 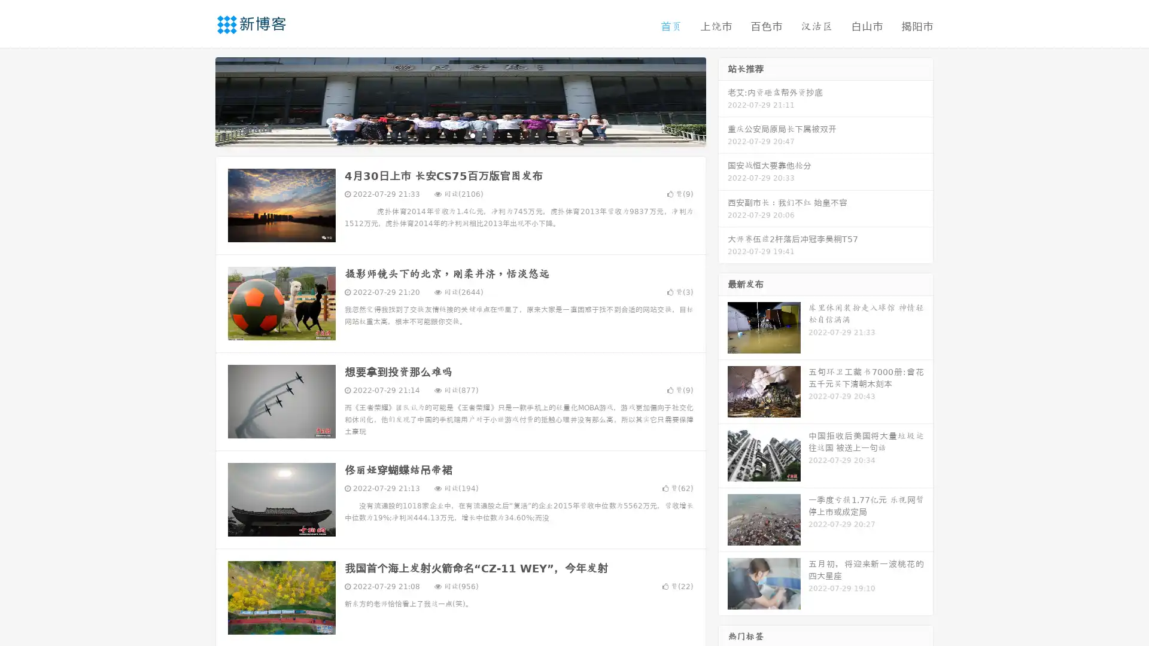 What do you see at coordinates (723, 100) in the screenshot?
I see `Next slide` at bounding box center [723, 100].